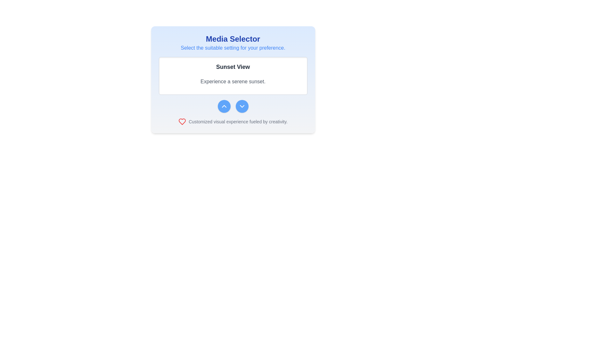 Image resolution: width=615 pixels, height=346 pixels. What do you see at coordinates (242, 106) in the screenshot?
I see `the round blue button with a white downwards arrow icon, located to the right of the upwards arrow button beneath the 'Sunset View' section` at bounding box center [242, 106].